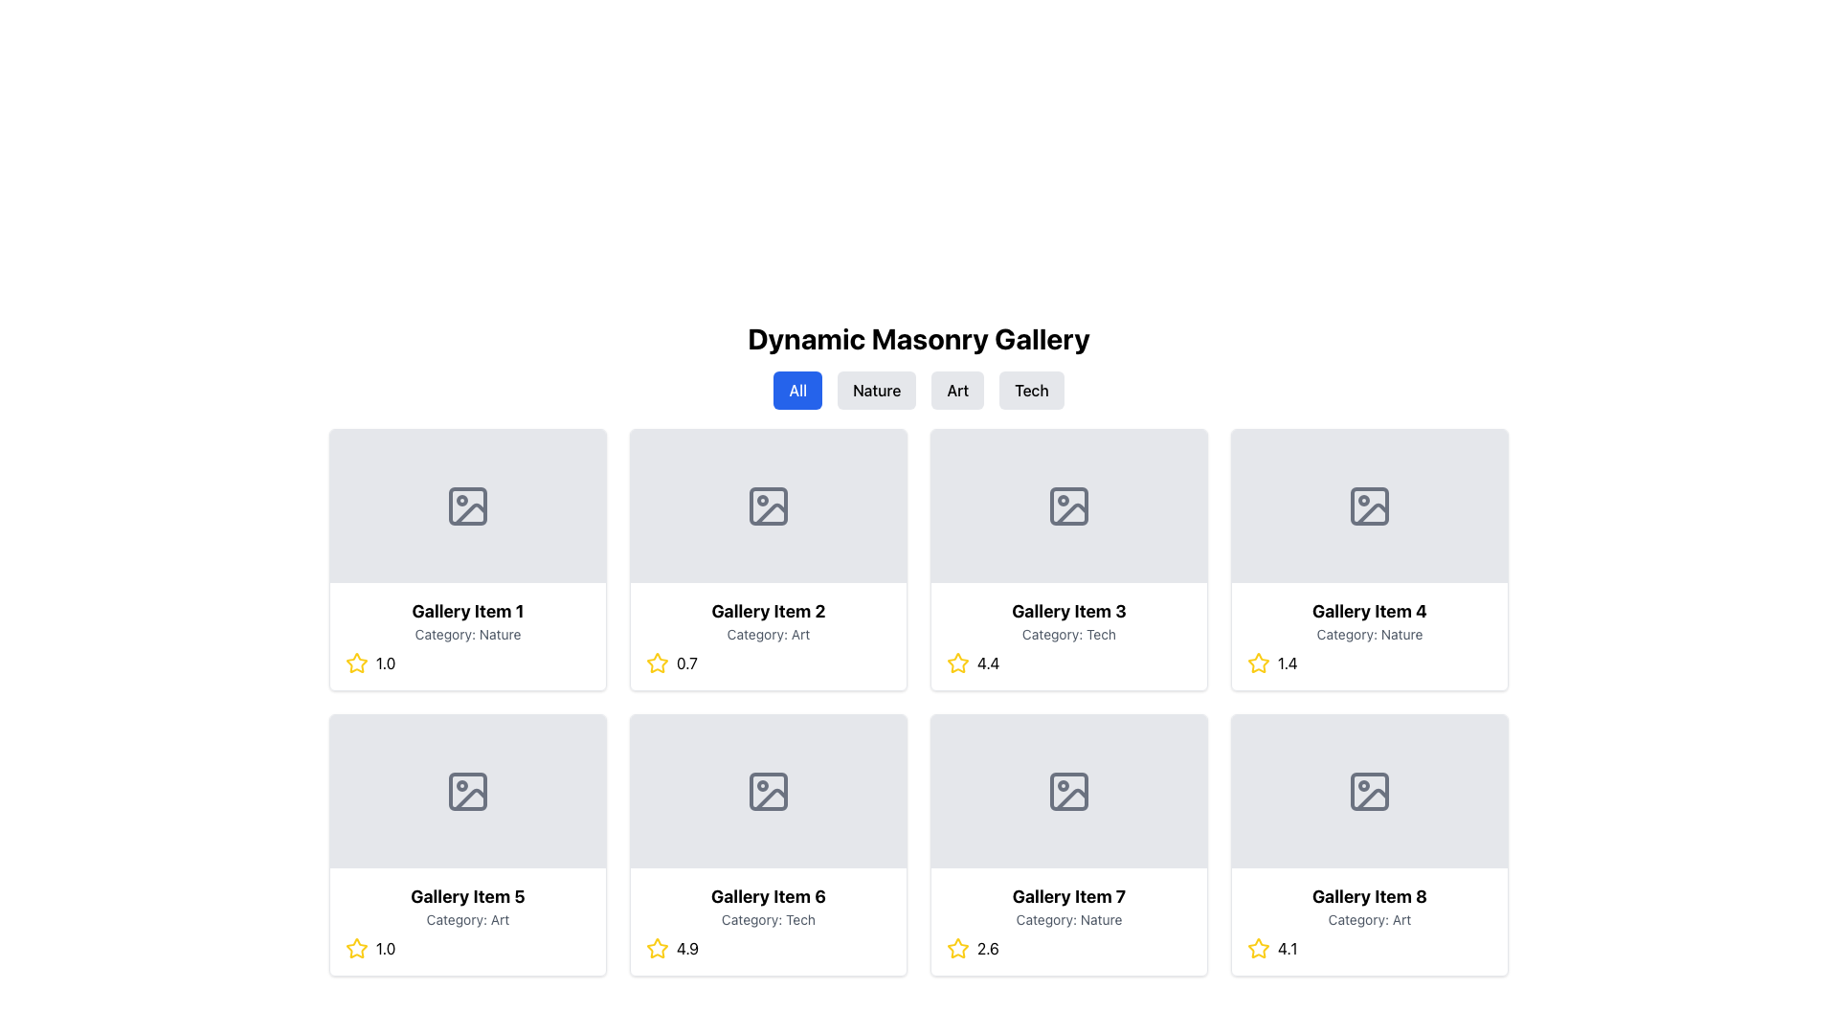  What do you see at coordinates (1068, 791) in the screenshot?
I see `the placeholder image icon with a circular indicator at the top-left corner located in the bottom-left corner of the seventh gallery item` at bounding box center [1068, 791].